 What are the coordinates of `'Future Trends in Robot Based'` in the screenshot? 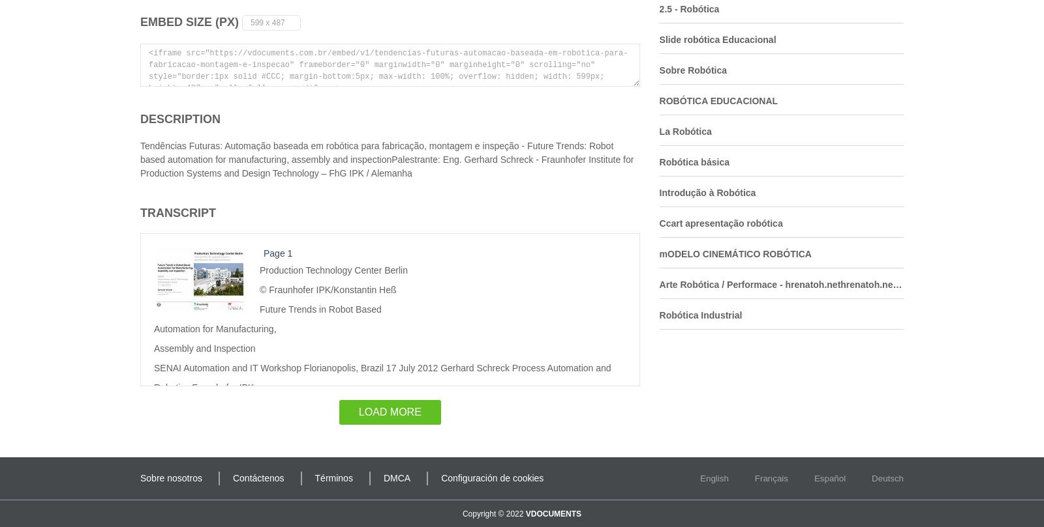 It's located at (320, 307).